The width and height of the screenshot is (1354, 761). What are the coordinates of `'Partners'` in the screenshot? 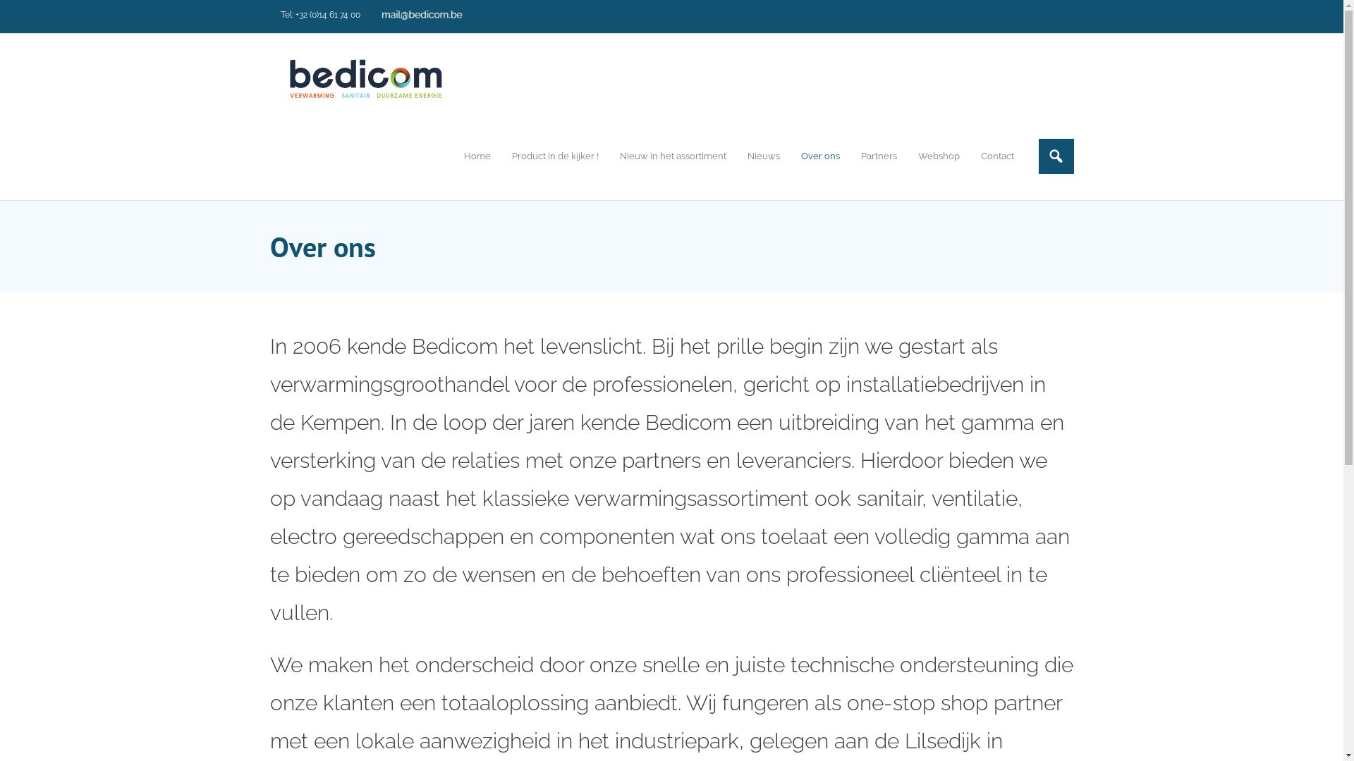 It's located at (878, 156).